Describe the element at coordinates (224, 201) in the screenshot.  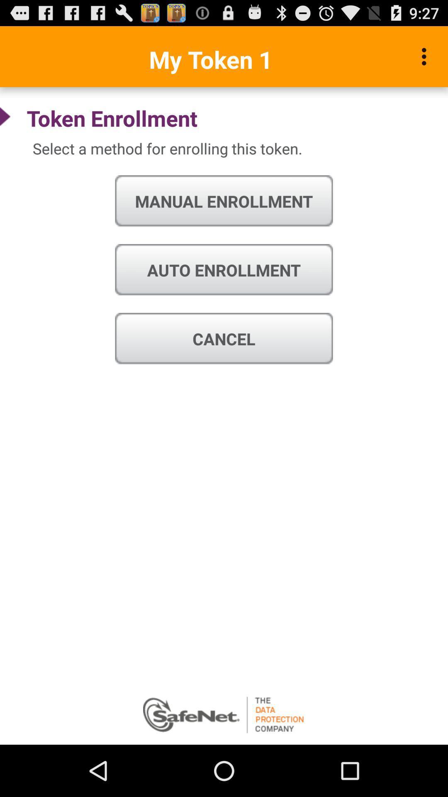
I see `manual enrollment icon` at that location.